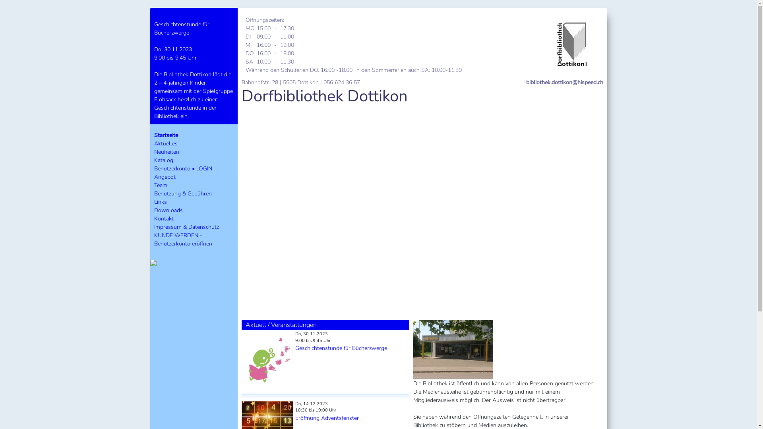 Image resolution: width=763 pixels, height=429 pixels. What do you see at coordinates (165, 143) in the screenshot?
I see `'Aktuelles'` at bounding box center [165, 143].